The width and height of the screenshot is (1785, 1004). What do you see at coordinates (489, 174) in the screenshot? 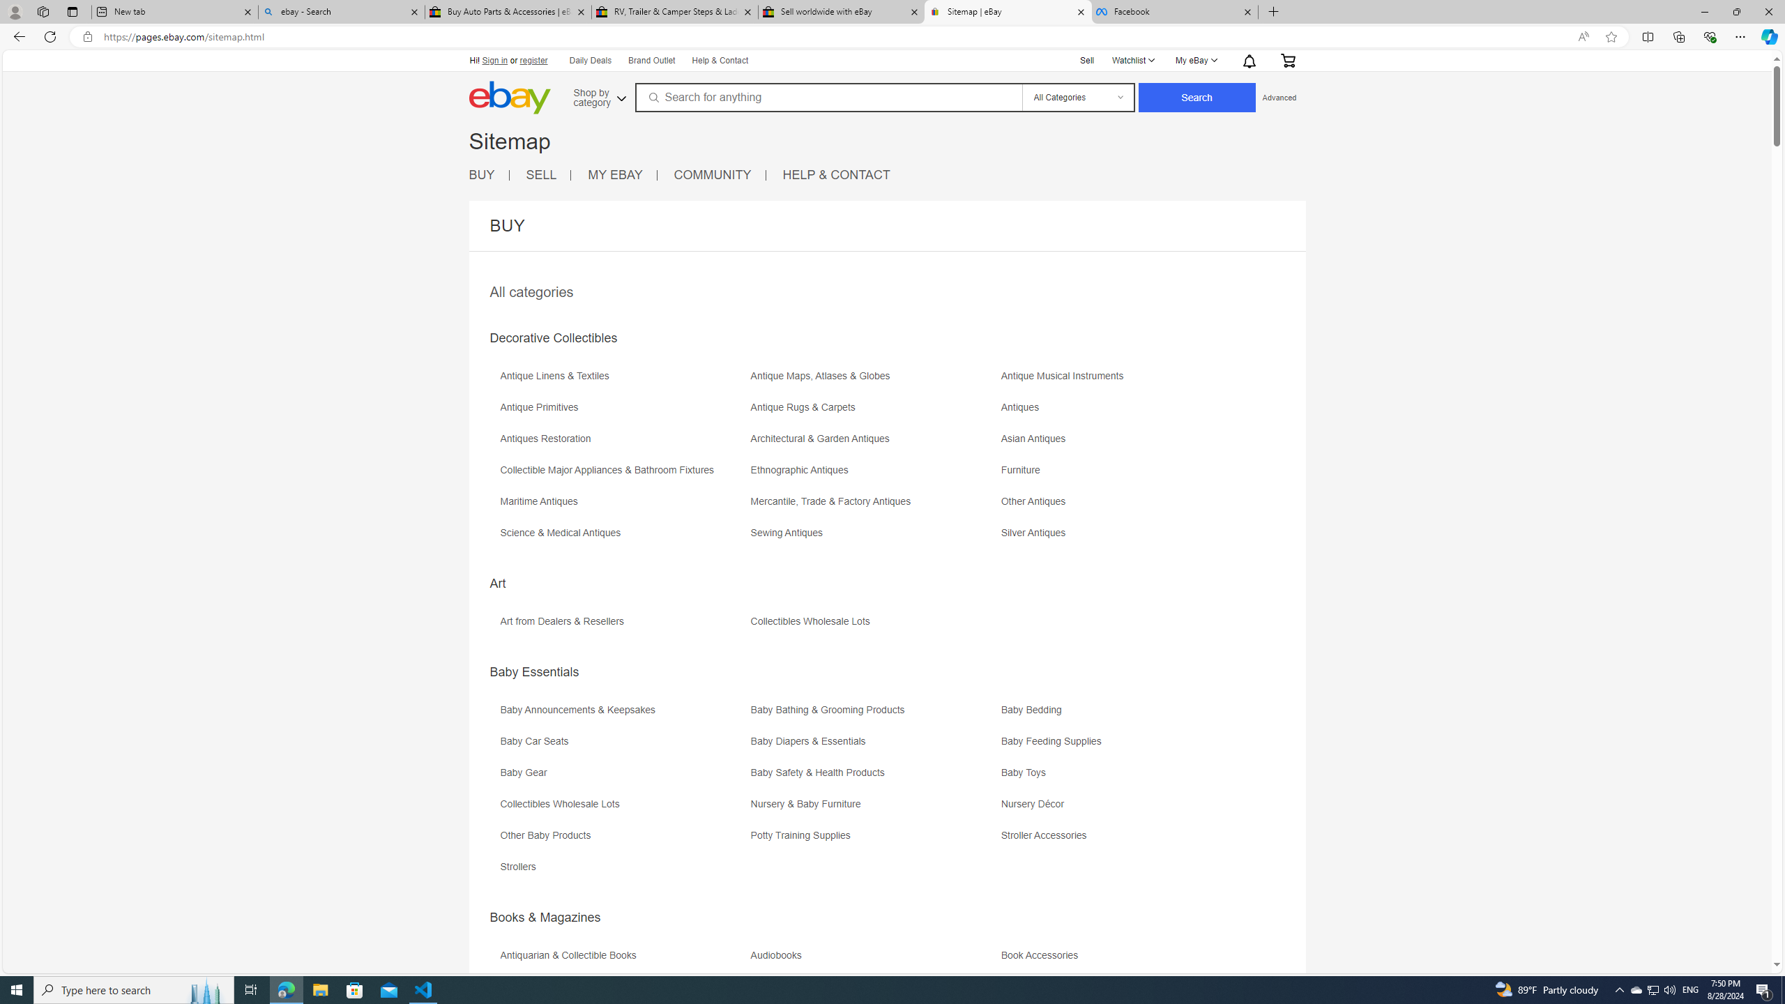
I see `'BUY'` at bounding box center [489, 174].